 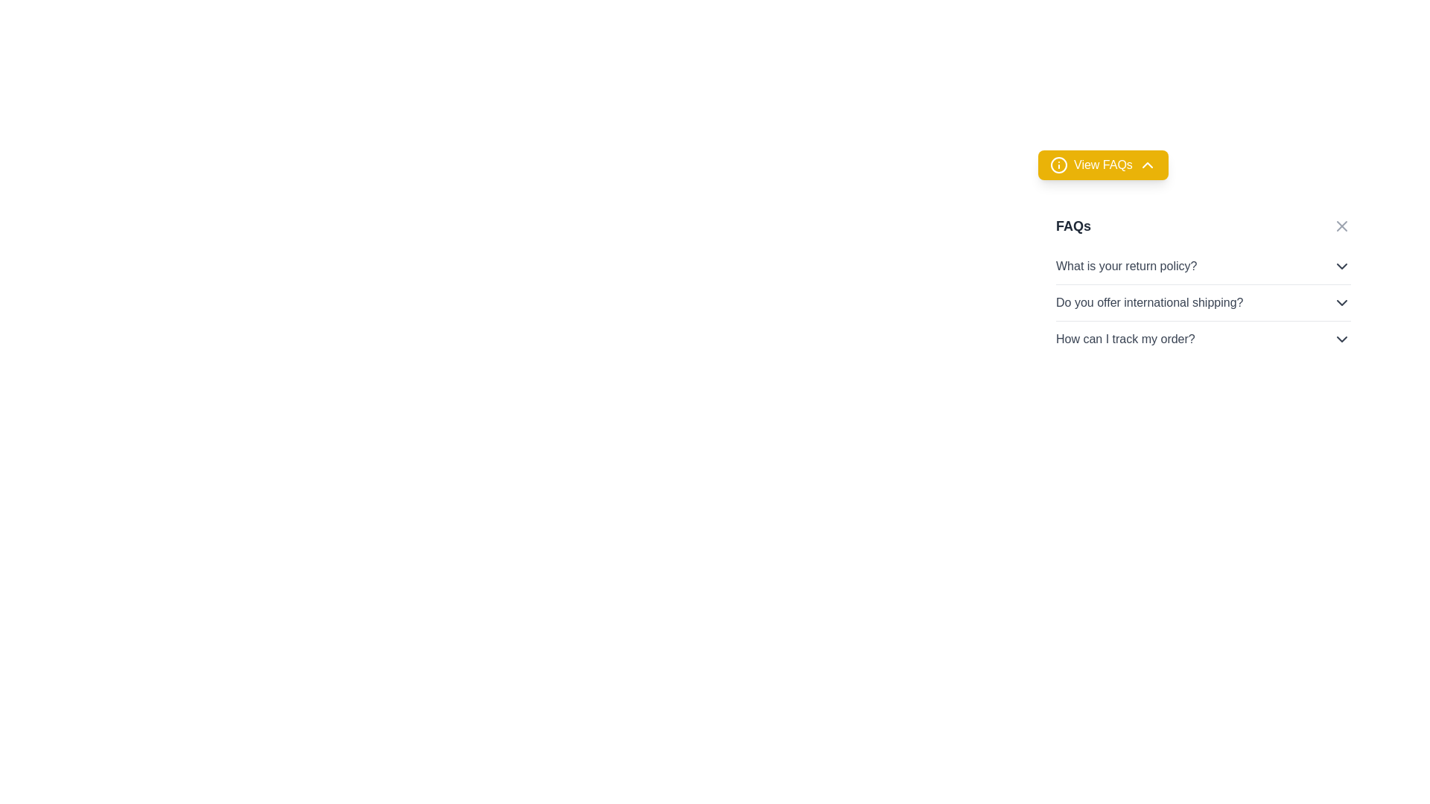 What do you see at coordinates (1341, 226) in the screenshot?
I see `the close icon button, which is a small cross in a square area located at the top-right corner of the 'FAQs' section` at bounding box center [1341, 226].